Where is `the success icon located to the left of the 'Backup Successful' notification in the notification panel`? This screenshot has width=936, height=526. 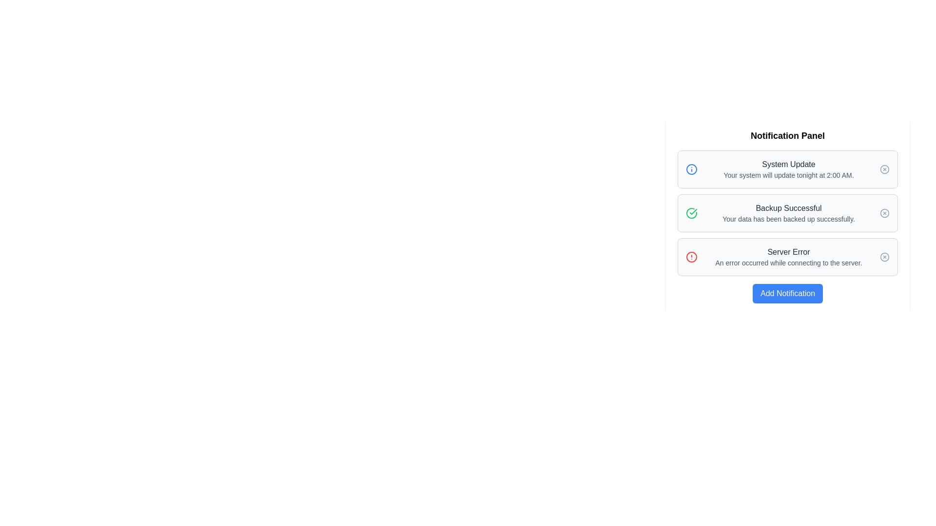
the success icon located to the left of the 'Backup Successful' notification in the notification panel is located at coordinates (691, 213).